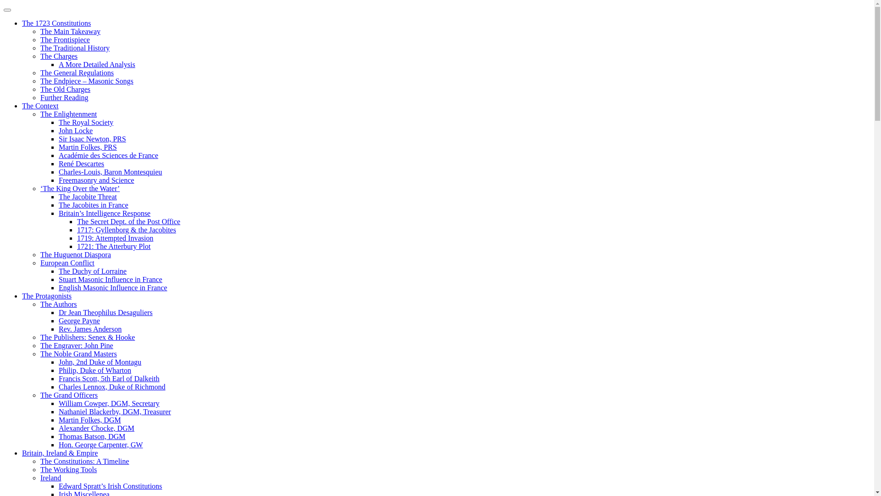  I want to click on 'The Main Takeaway', so click(70, 31).